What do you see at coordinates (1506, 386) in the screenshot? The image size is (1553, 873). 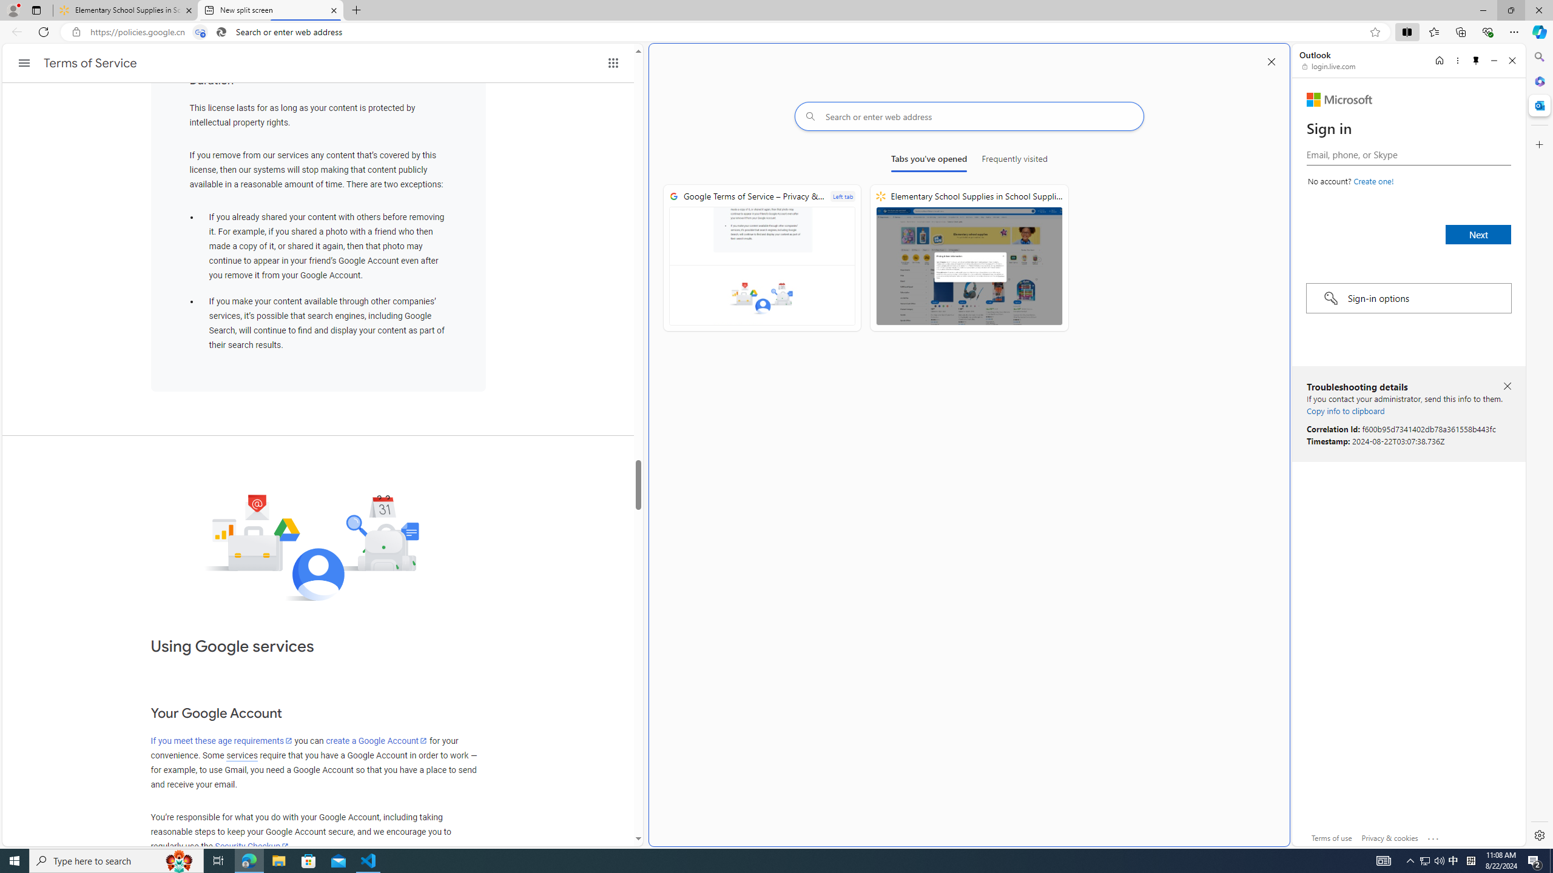 I see `'Close troubleshooting details'` at bounding box center [1506, 386].